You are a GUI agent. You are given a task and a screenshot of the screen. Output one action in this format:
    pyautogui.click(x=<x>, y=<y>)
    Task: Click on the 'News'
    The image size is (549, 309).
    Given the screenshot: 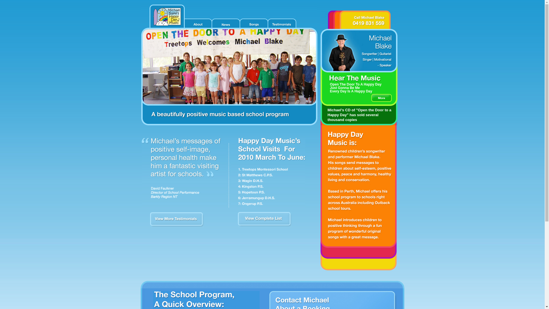 What is the action you would take?
    pyautogui.click(x=225, y=23)
    